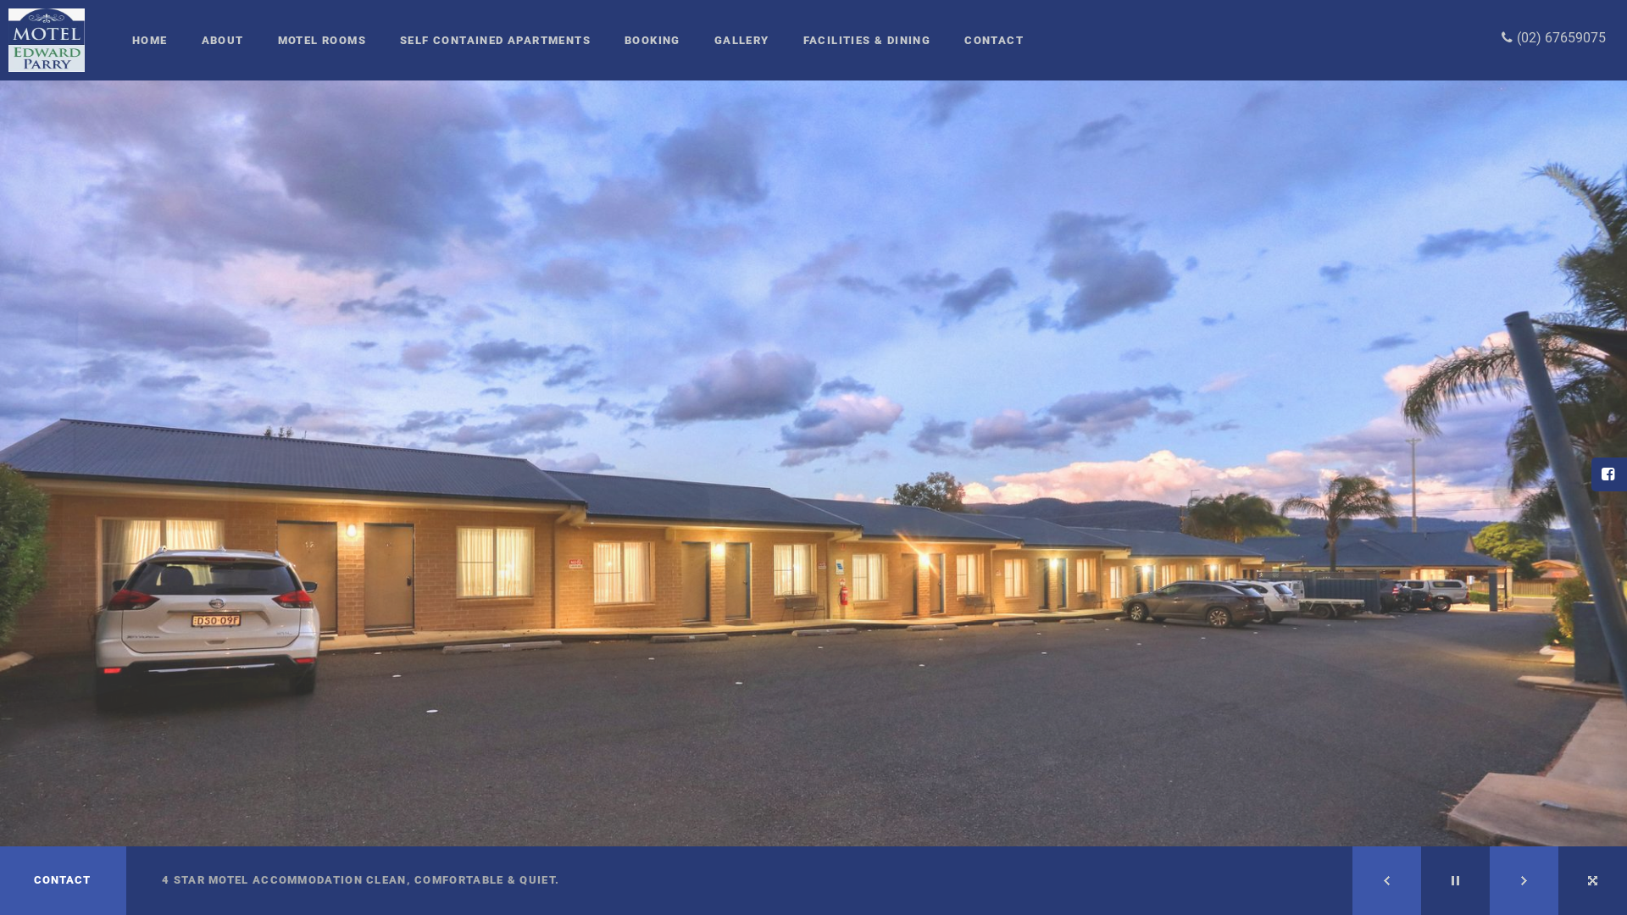 This screenshot has height=915, width=1627. I want to click on 'GALLERY', so click(741, 39).